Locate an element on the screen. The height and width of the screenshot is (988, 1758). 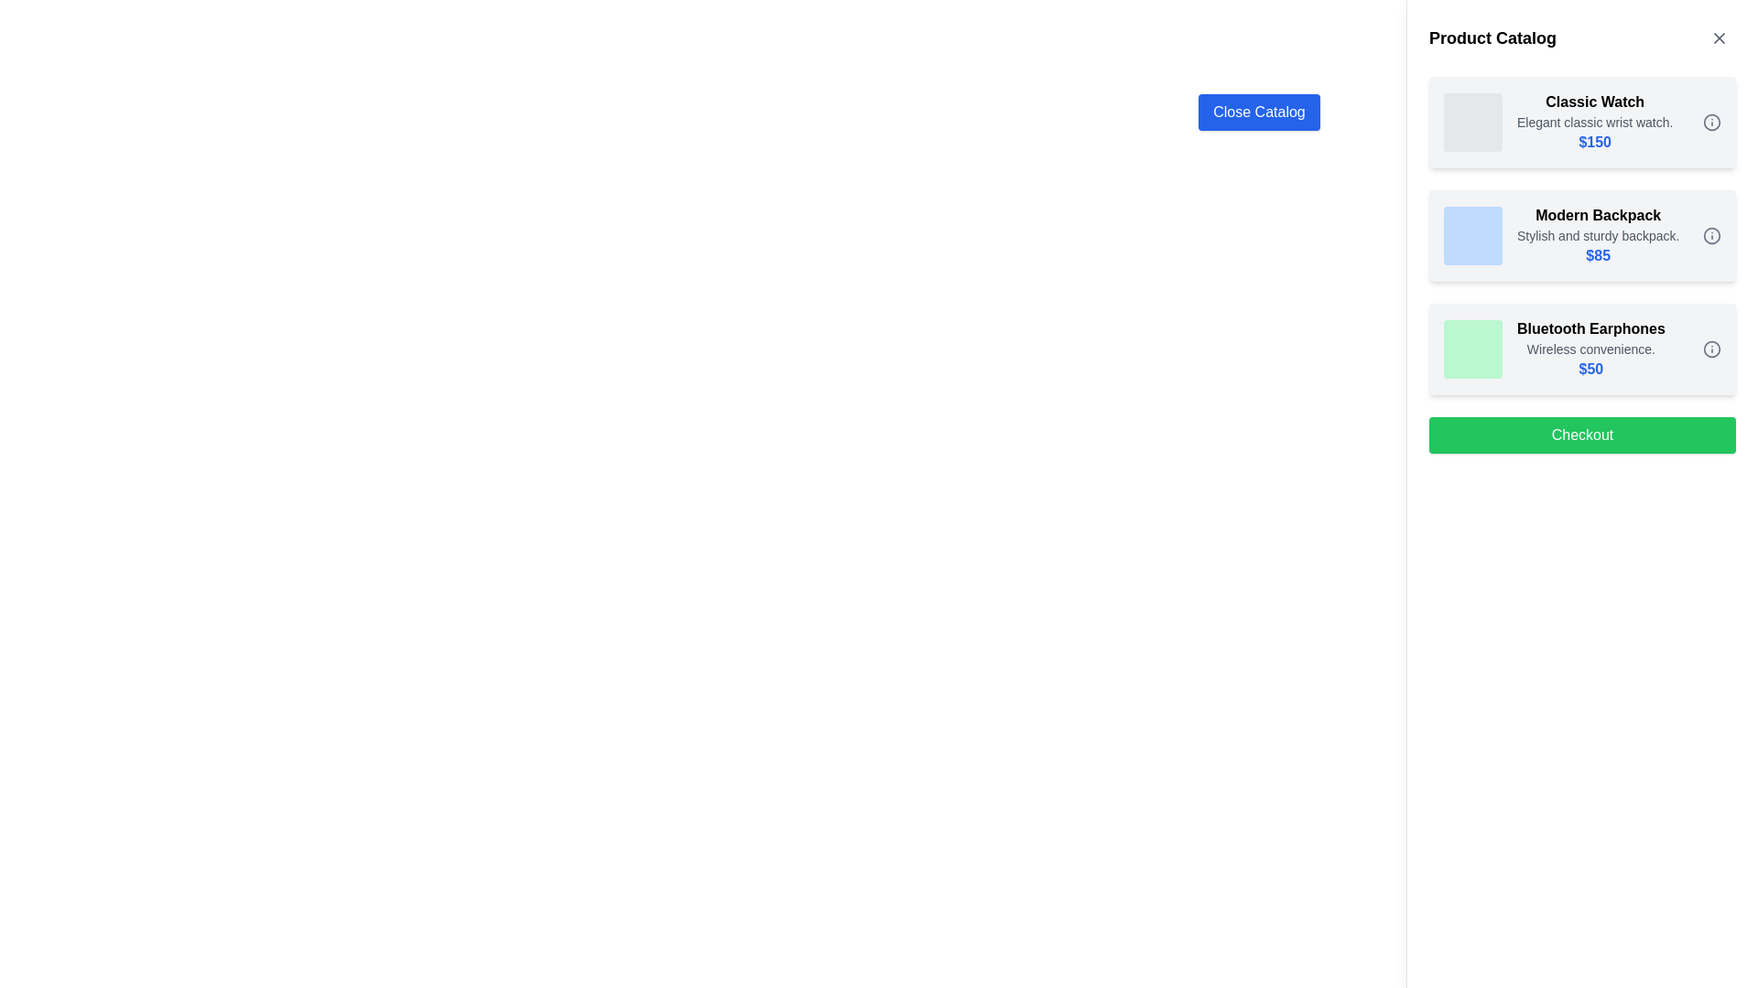
descriptive text label summarizing the functionalities of the product 'Bluetooth Earphones', which is located in the product card, second line of text below the title and above the price is located at coordinates (1590, 349).